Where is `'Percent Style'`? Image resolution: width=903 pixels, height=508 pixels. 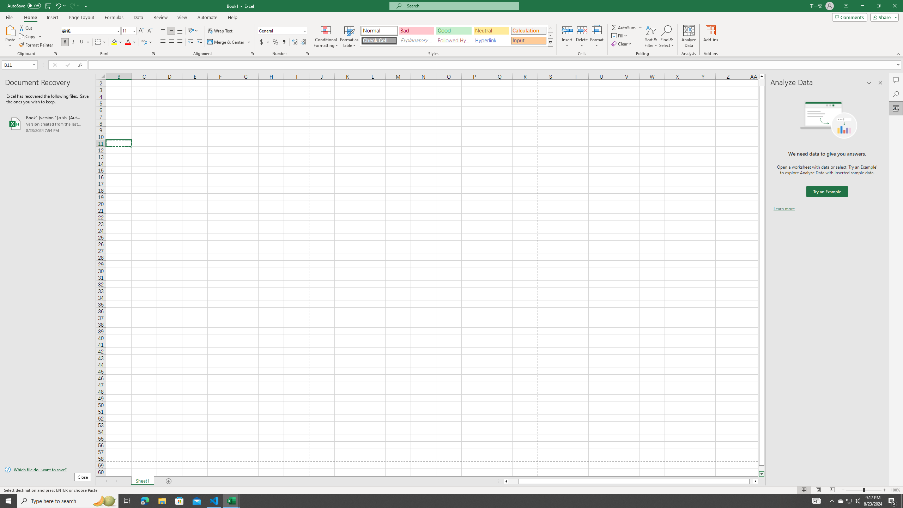 'Percent Style' is located at coordinates (275, 42).